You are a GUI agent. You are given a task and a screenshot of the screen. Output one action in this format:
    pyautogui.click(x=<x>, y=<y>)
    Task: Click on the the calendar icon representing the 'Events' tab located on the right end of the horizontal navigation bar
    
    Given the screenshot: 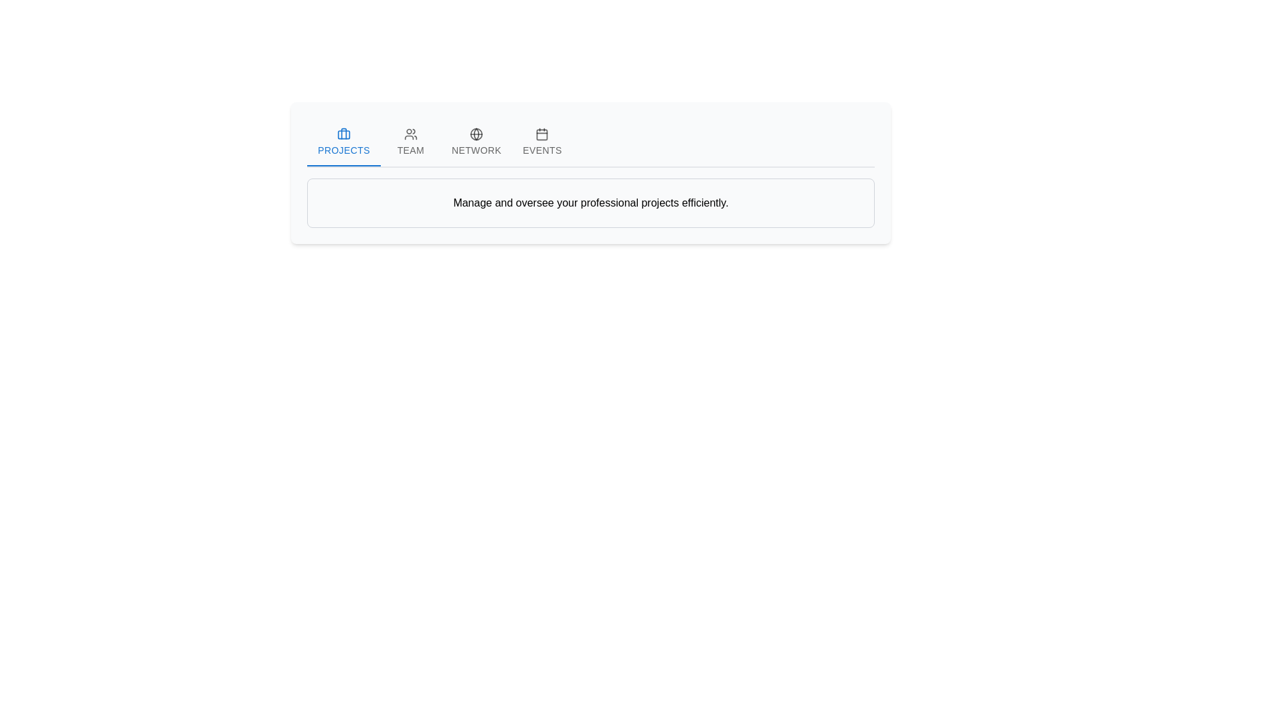 What is the action you would take?
    pyautogui.click(x=542, y=135)
    